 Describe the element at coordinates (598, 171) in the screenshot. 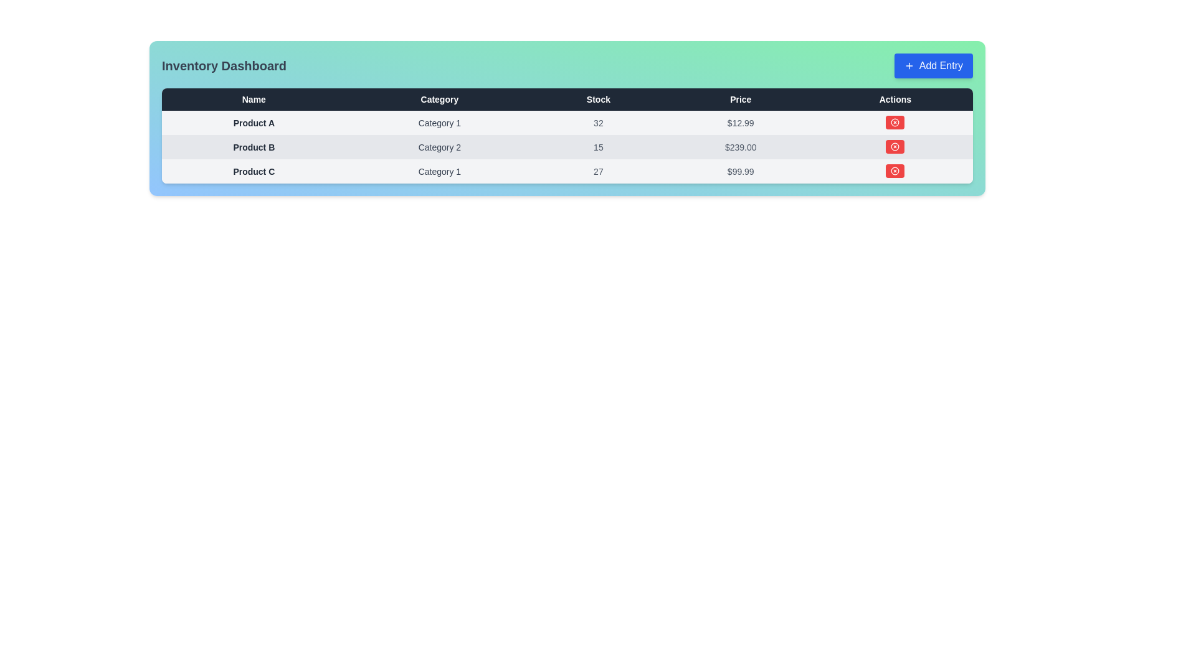

I see `the third table data cell displaying the stock quantity for 'Product C', located between 'Category 1' and the price '$99.99'` at that location.